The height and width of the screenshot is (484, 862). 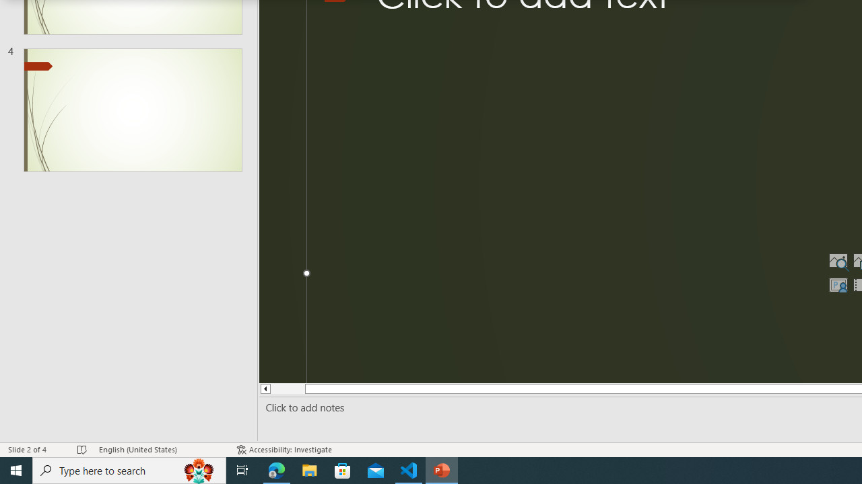 I want to click on 'Stock Images', so click(x=837, y=261).